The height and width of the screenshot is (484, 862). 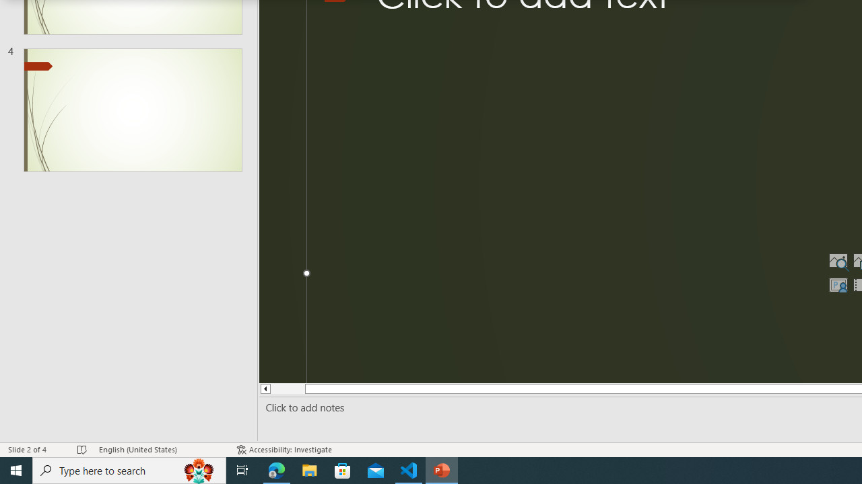 I want to click on 'Stock Images', so click(x=837, y=261).